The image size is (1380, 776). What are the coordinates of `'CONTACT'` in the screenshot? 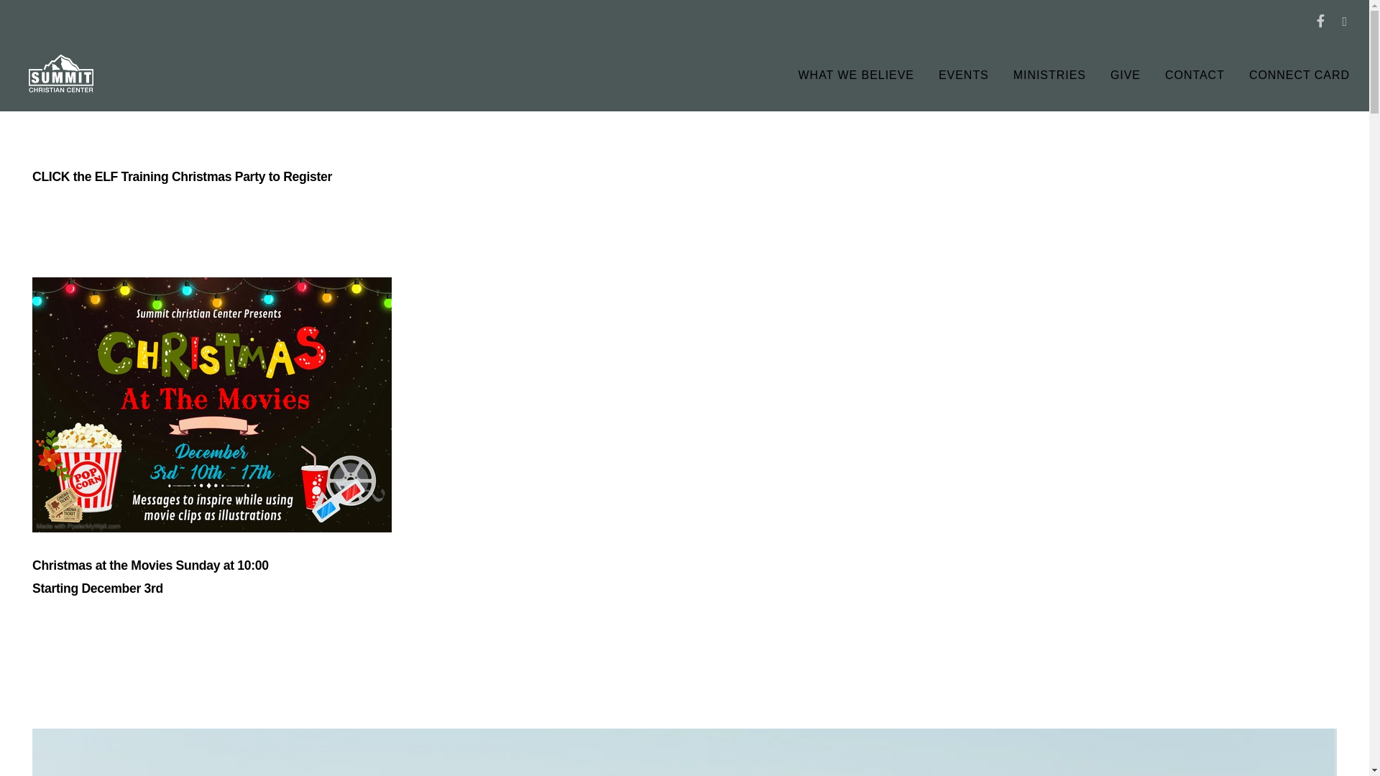 It's located at (1195, 75).